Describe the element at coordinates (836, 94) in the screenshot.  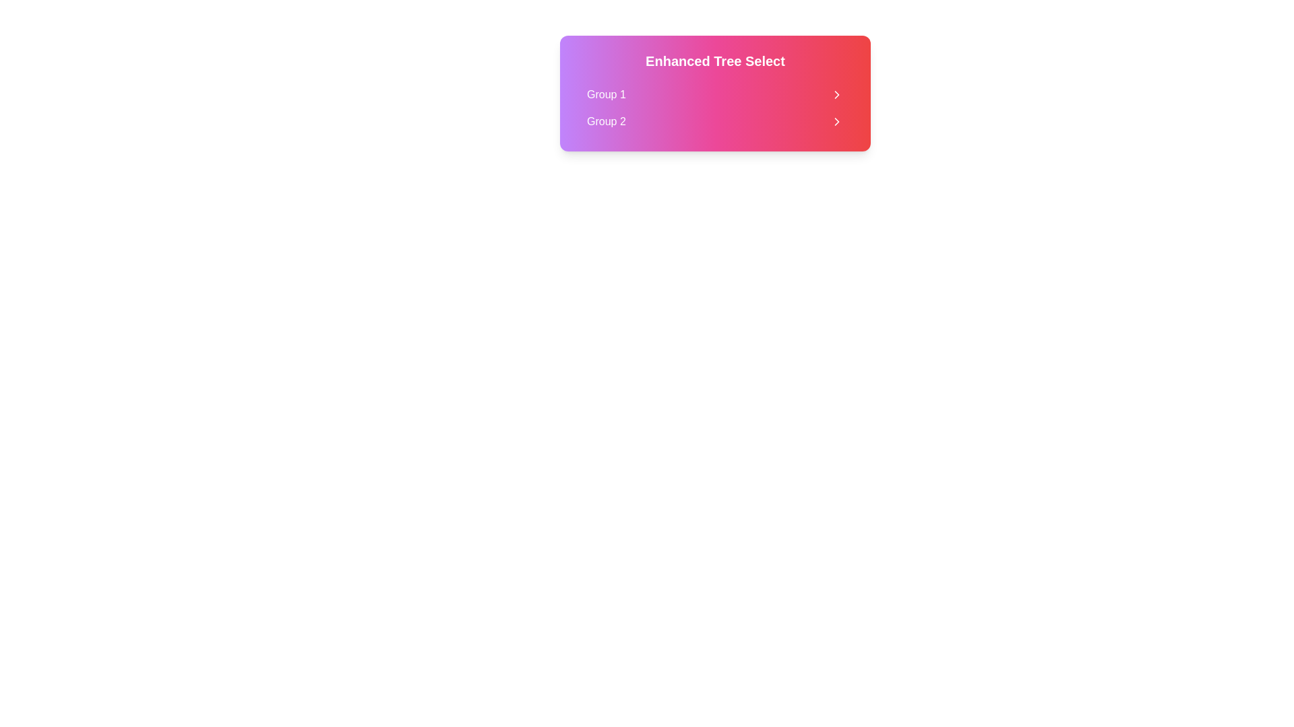
I see `the right-facing chevron icon located next to the 'Enhanced Tree Select' text to check for additional effects` at that location.